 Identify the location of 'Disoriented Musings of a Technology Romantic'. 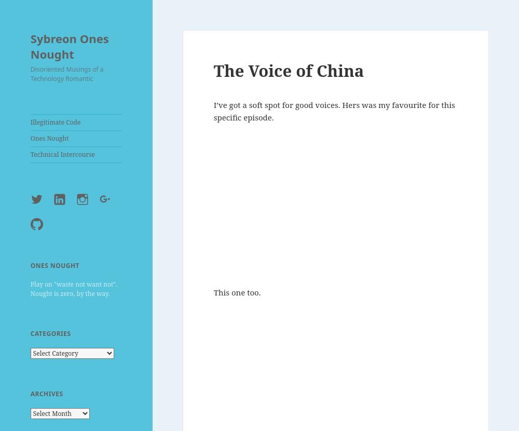
(66, 73).